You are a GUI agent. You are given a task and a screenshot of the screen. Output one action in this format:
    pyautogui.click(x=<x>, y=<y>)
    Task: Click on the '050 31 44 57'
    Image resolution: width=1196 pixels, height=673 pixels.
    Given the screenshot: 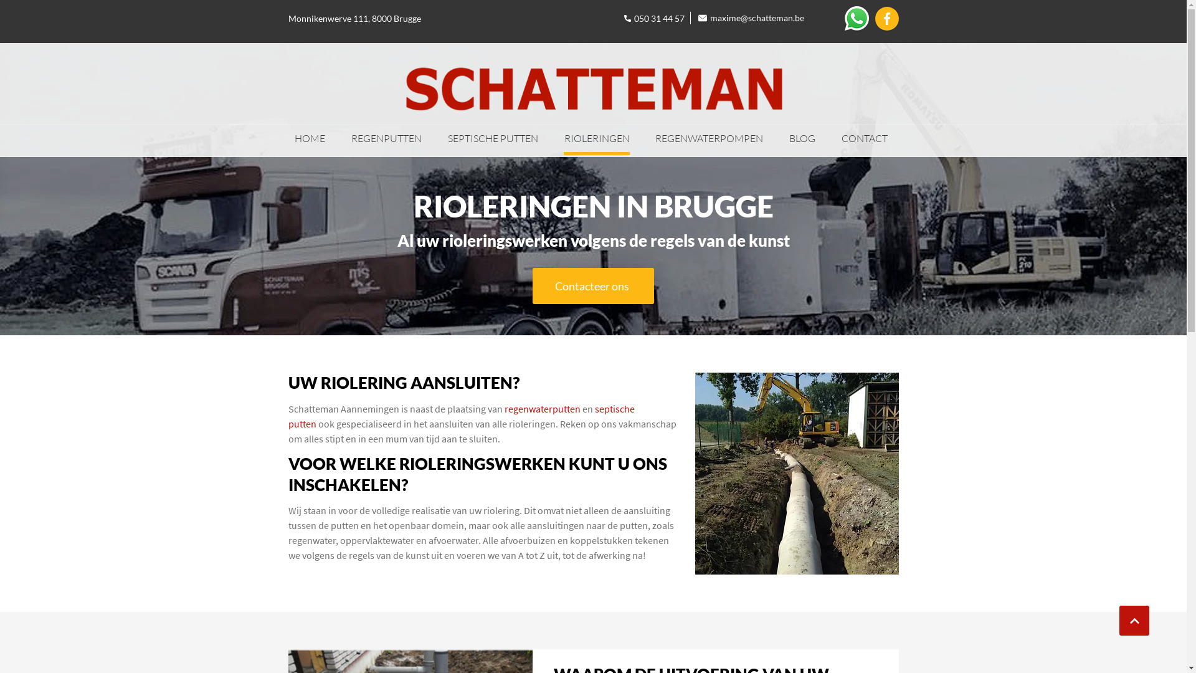 What is the action you would take?
    pyautogui.click(x=653, y=18)
    